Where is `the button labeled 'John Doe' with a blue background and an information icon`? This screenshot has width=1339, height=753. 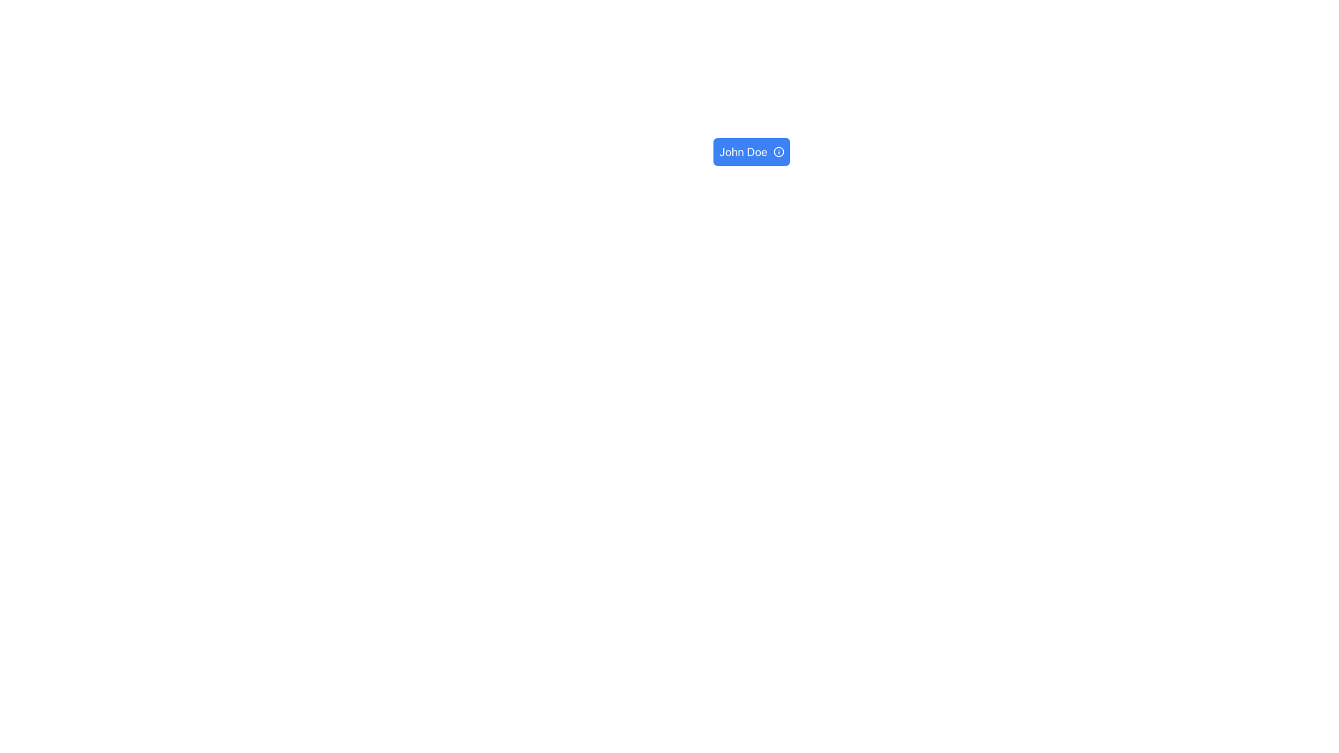 the button labeled 'John Doe' with a blue background and an information icon is located at coordinates (751, 152).